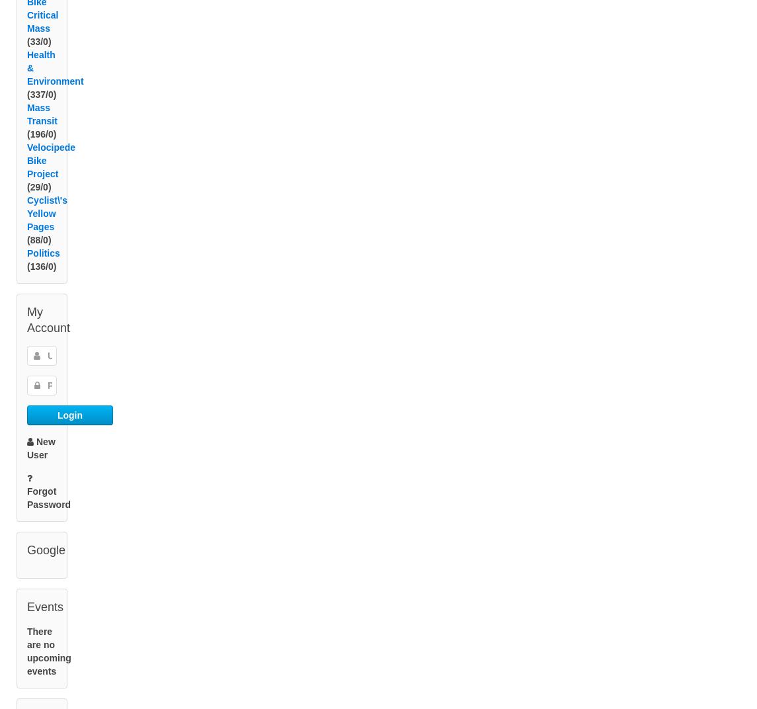 The image size is (757, 709). I want to click on 'Google', so click(46, 565).